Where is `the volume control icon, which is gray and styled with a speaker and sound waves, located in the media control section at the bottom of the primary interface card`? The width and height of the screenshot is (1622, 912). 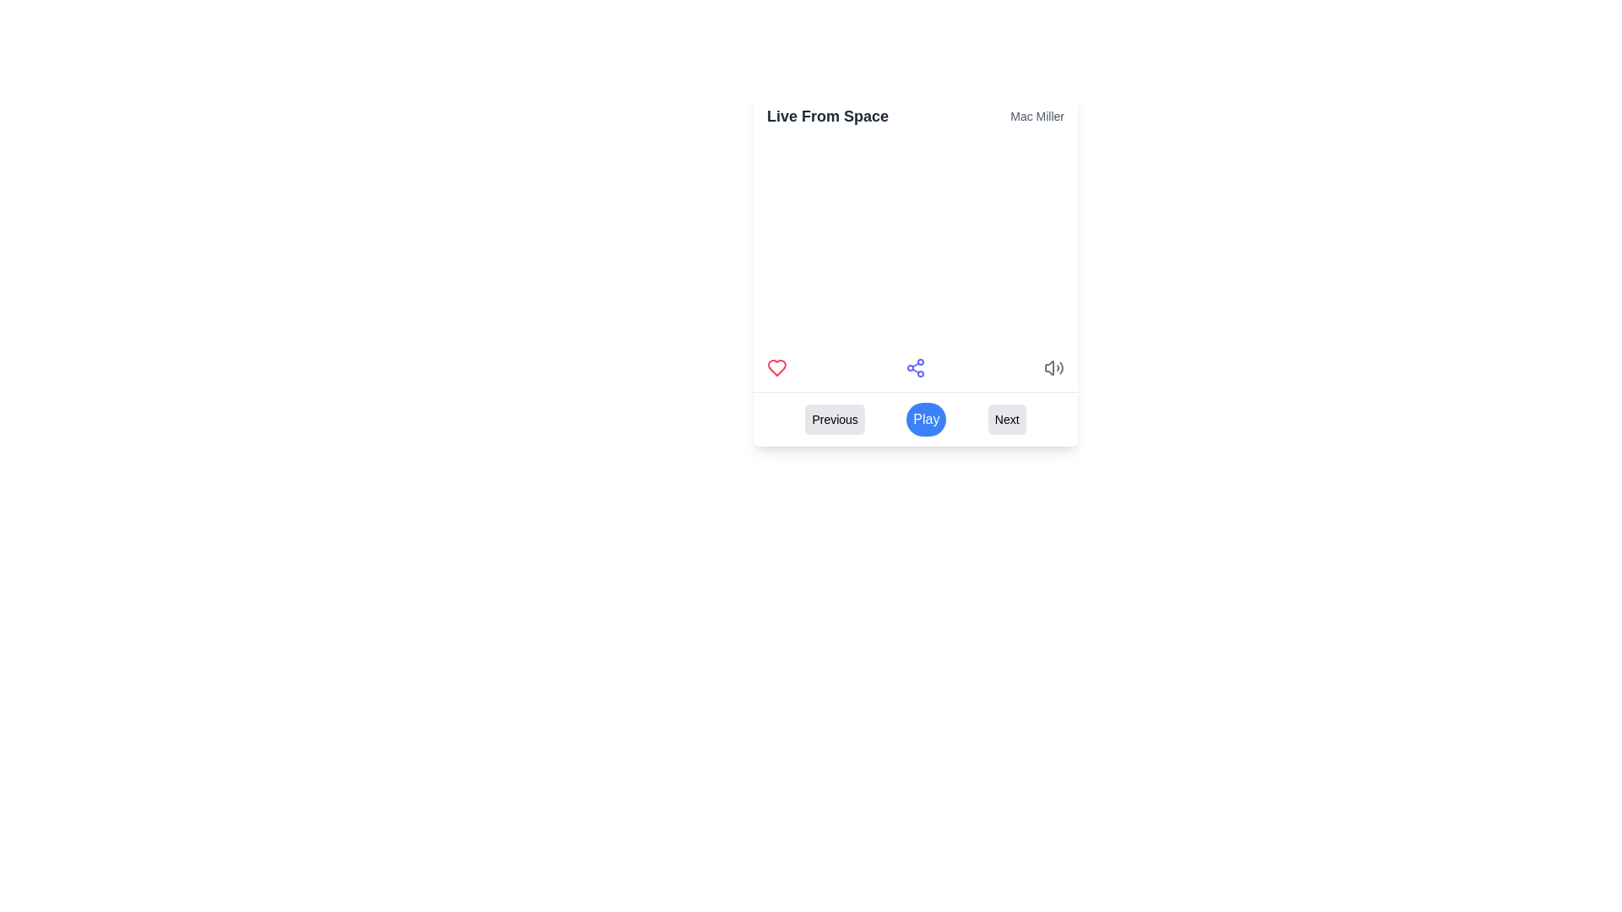
the volume control icon, which is gray and styled with a speaker and sound waves, located in the media control section at the bottom of the primary interface card is located at coordinates (1053, 366).